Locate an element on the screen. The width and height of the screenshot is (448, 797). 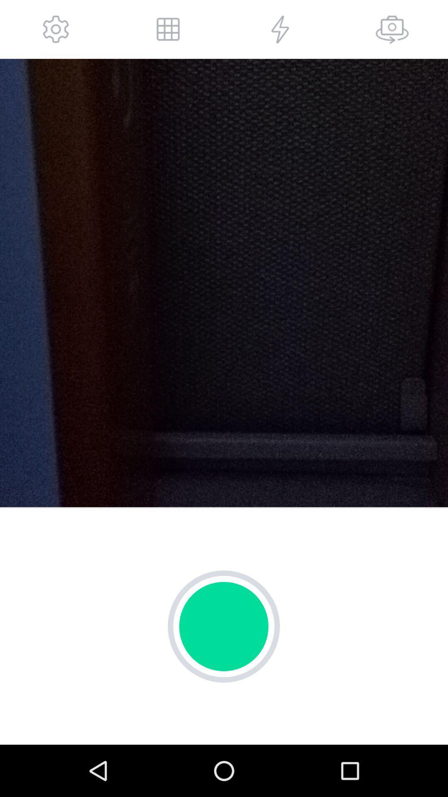
take picture is located at coordinates (392, 29).